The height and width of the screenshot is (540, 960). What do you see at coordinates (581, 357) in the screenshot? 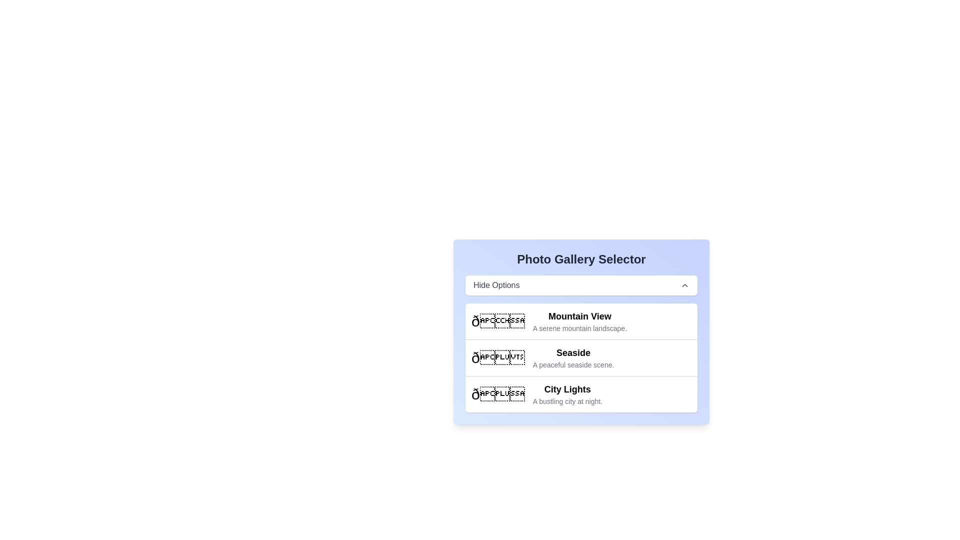
I see `the selectable card component representing a seaside scene, which is the middle card in a vertical stack of three cards under the 'Photo Gallery Selector.'` at bounding box center [581, 357].